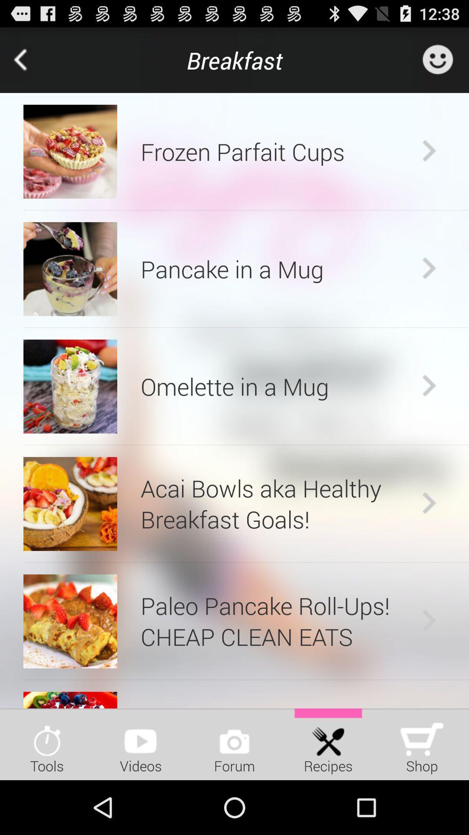 The height and width of the screenshot is (835, 469). What do you see at coordinates (32, 60) in the screenshot?
I see `app next to the breakfast icon` at bounding box center [32, 60].